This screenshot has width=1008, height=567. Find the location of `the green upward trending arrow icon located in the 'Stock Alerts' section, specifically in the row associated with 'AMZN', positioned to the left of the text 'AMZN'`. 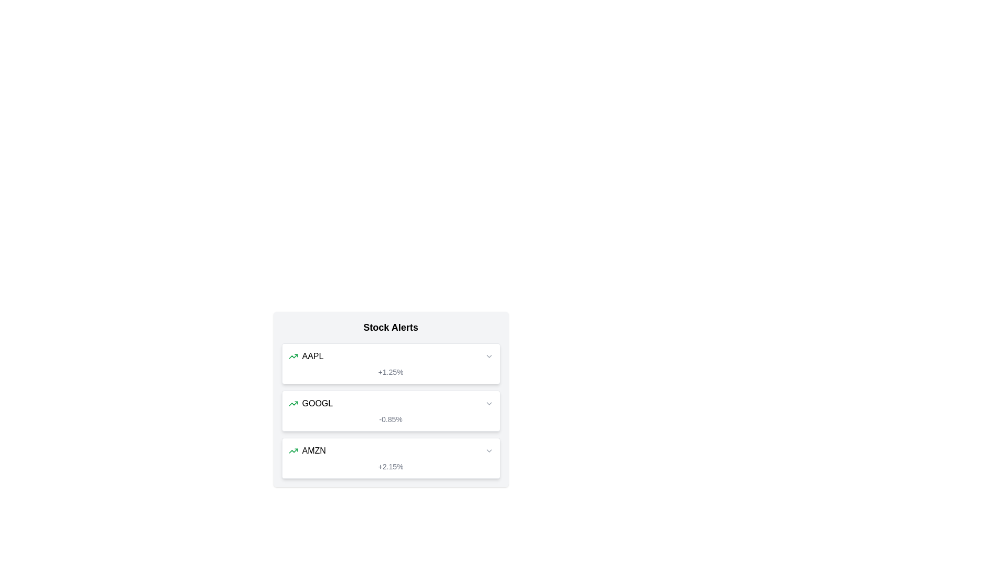

the green upward trending arrow icon located in the 'Stock Alerts' section, specifically in the row associated with 'AMZN', positioned to the left of the text 'AMZN' is located at coordinates (293, 450).